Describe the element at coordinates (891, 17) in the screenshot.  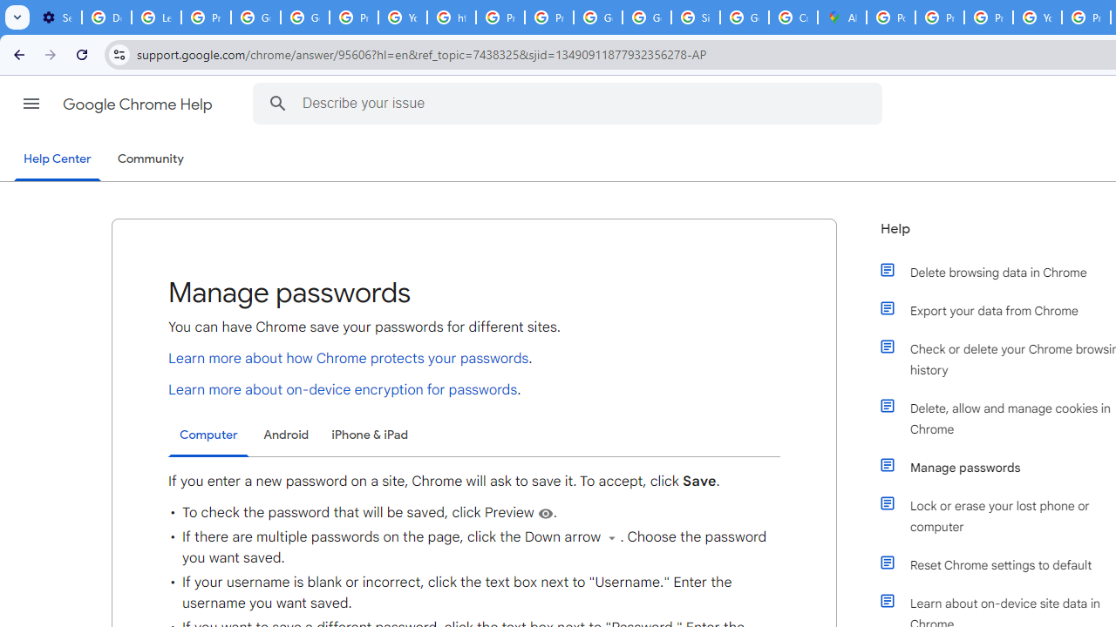
I see `'Policy Accountability and Transparency - Transparency Center'` at that location.